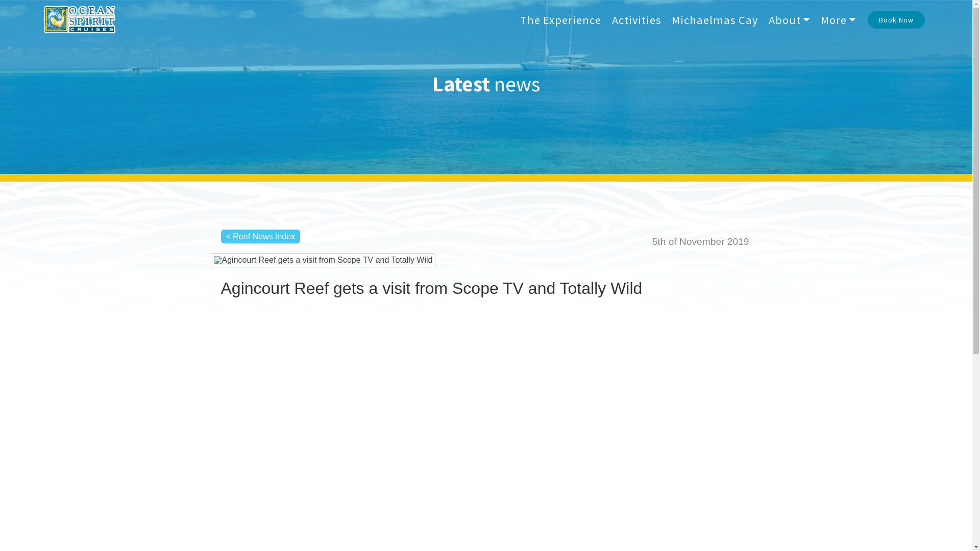 Image resolution: width=980 pixels, height=551 pixels. Describe the element at coordinates (260, 236) in the screenshot. I see `'< Reef News Index'` at that location.